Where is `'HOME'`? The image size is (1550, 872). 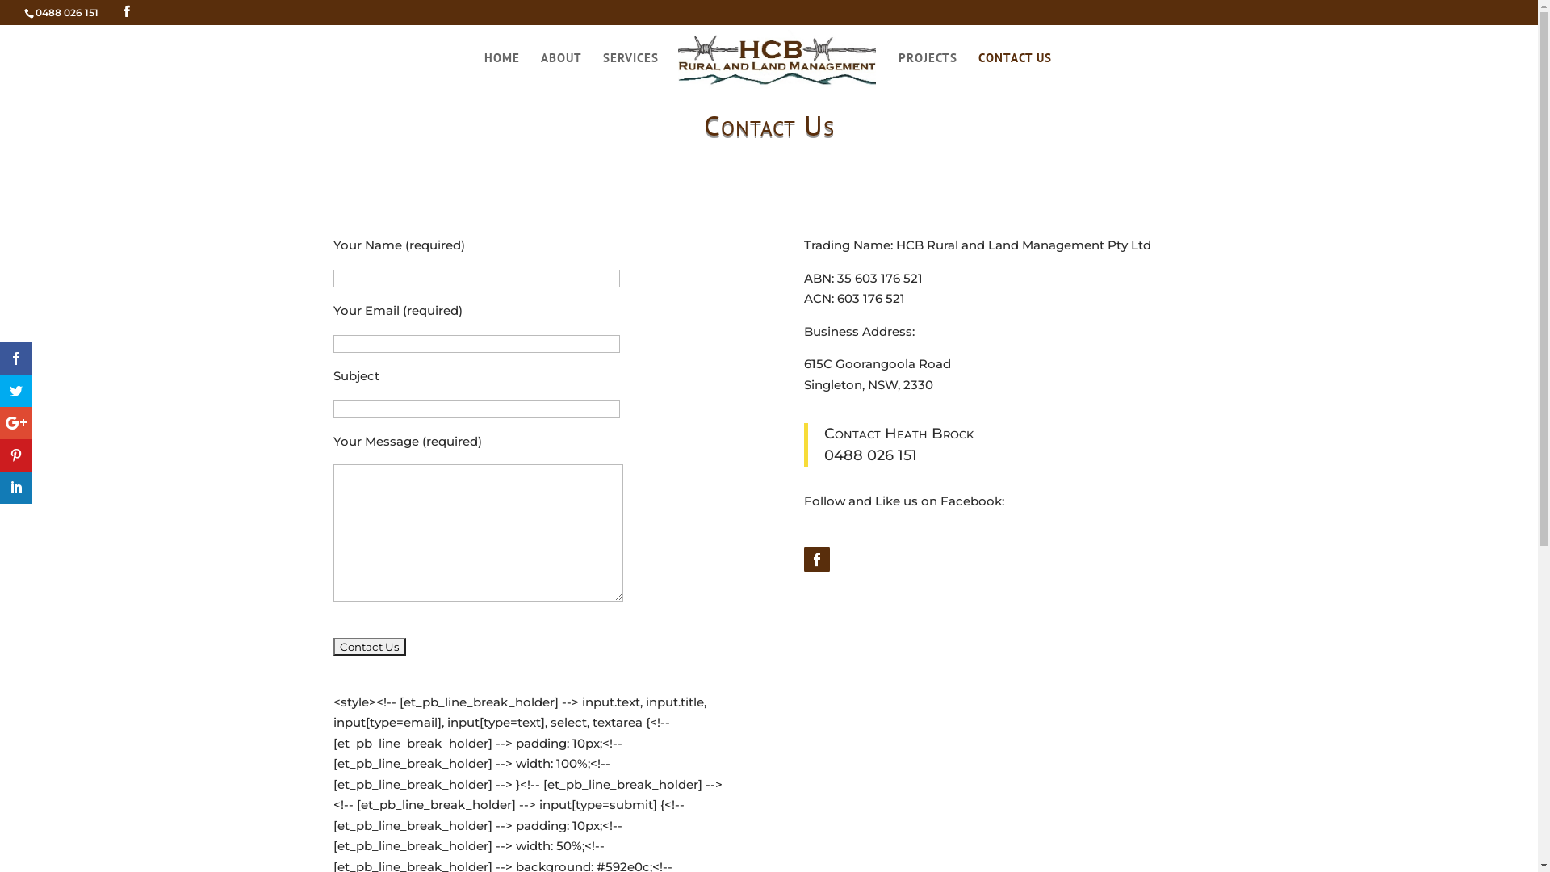
'HOME' is located at coordinates (501, 61).